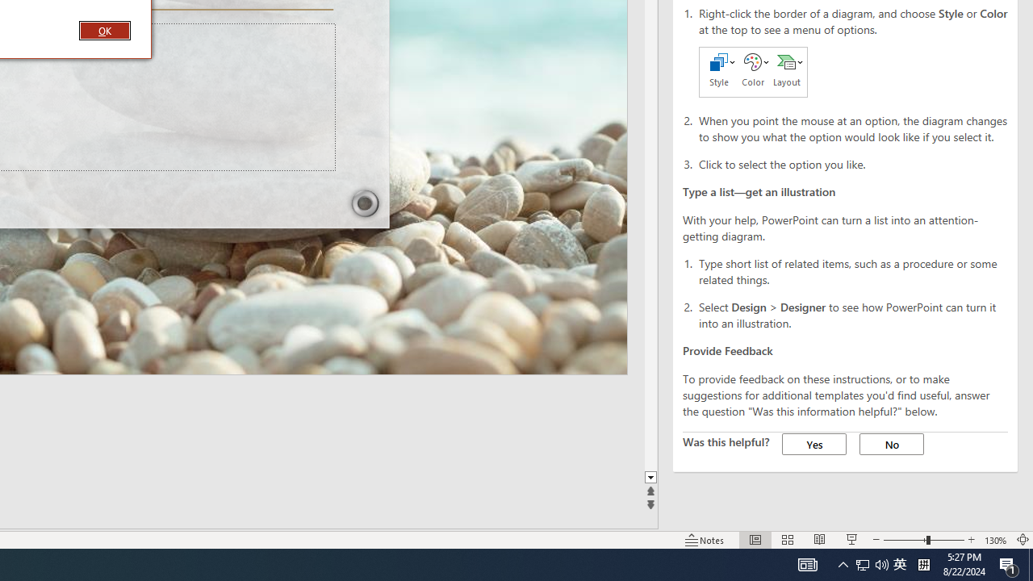  What do you see at coordinates (891, 444) in the screenshot?
I see `'No'` at bounding box center [891, 444].